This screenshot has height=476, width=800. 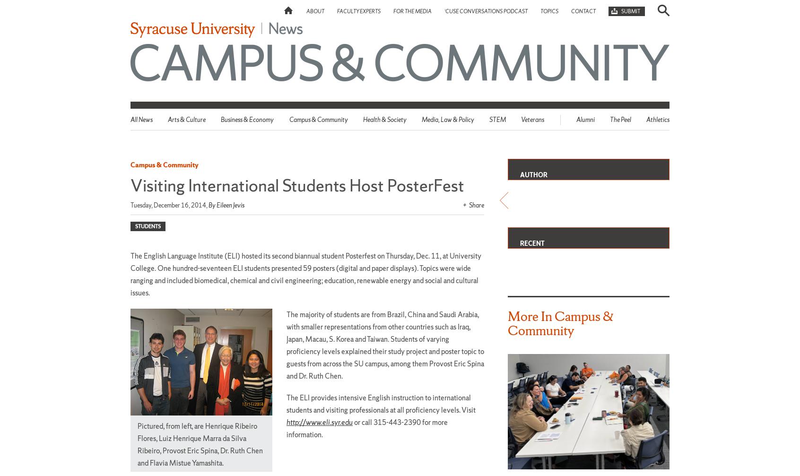 What do you see at coordinates (658, 120) in the screenshot?
I see `'Athletics'` at bounding box center [658, 120].